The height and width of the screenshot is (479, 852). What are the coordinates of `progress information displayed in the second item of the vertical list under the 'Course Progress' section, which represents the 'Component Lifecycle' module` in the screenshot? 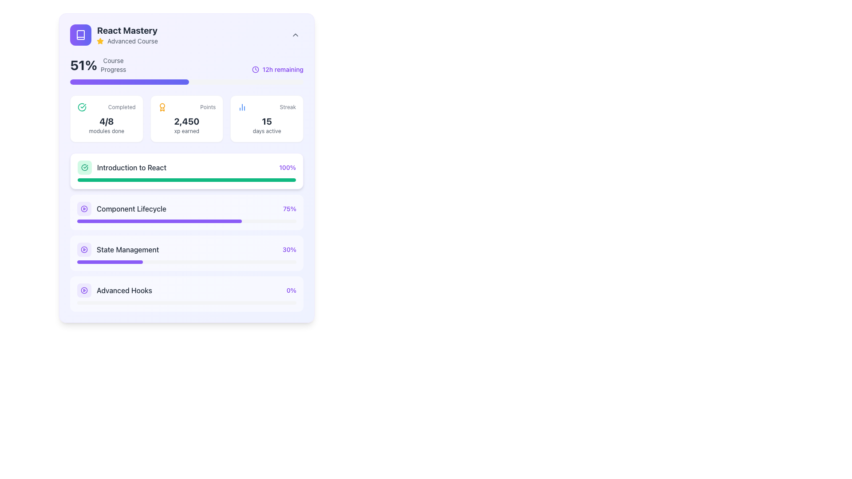 It's located at (186, 208).